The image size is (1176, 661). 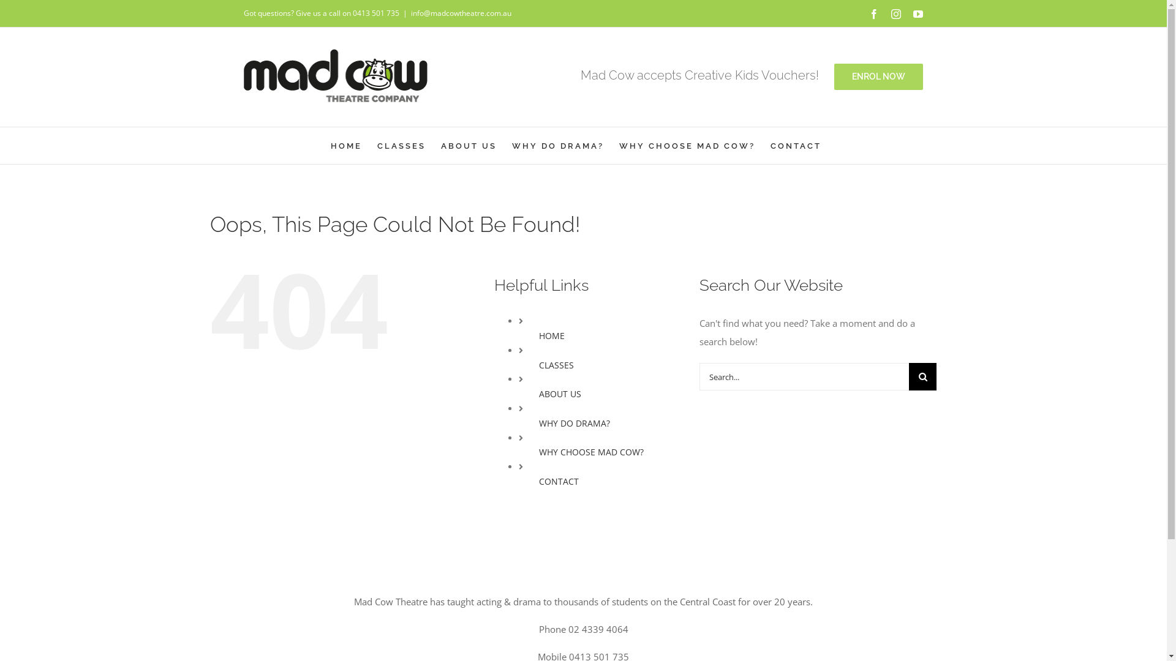 I want to click on 'Instagram', so click(x=896, y=14).